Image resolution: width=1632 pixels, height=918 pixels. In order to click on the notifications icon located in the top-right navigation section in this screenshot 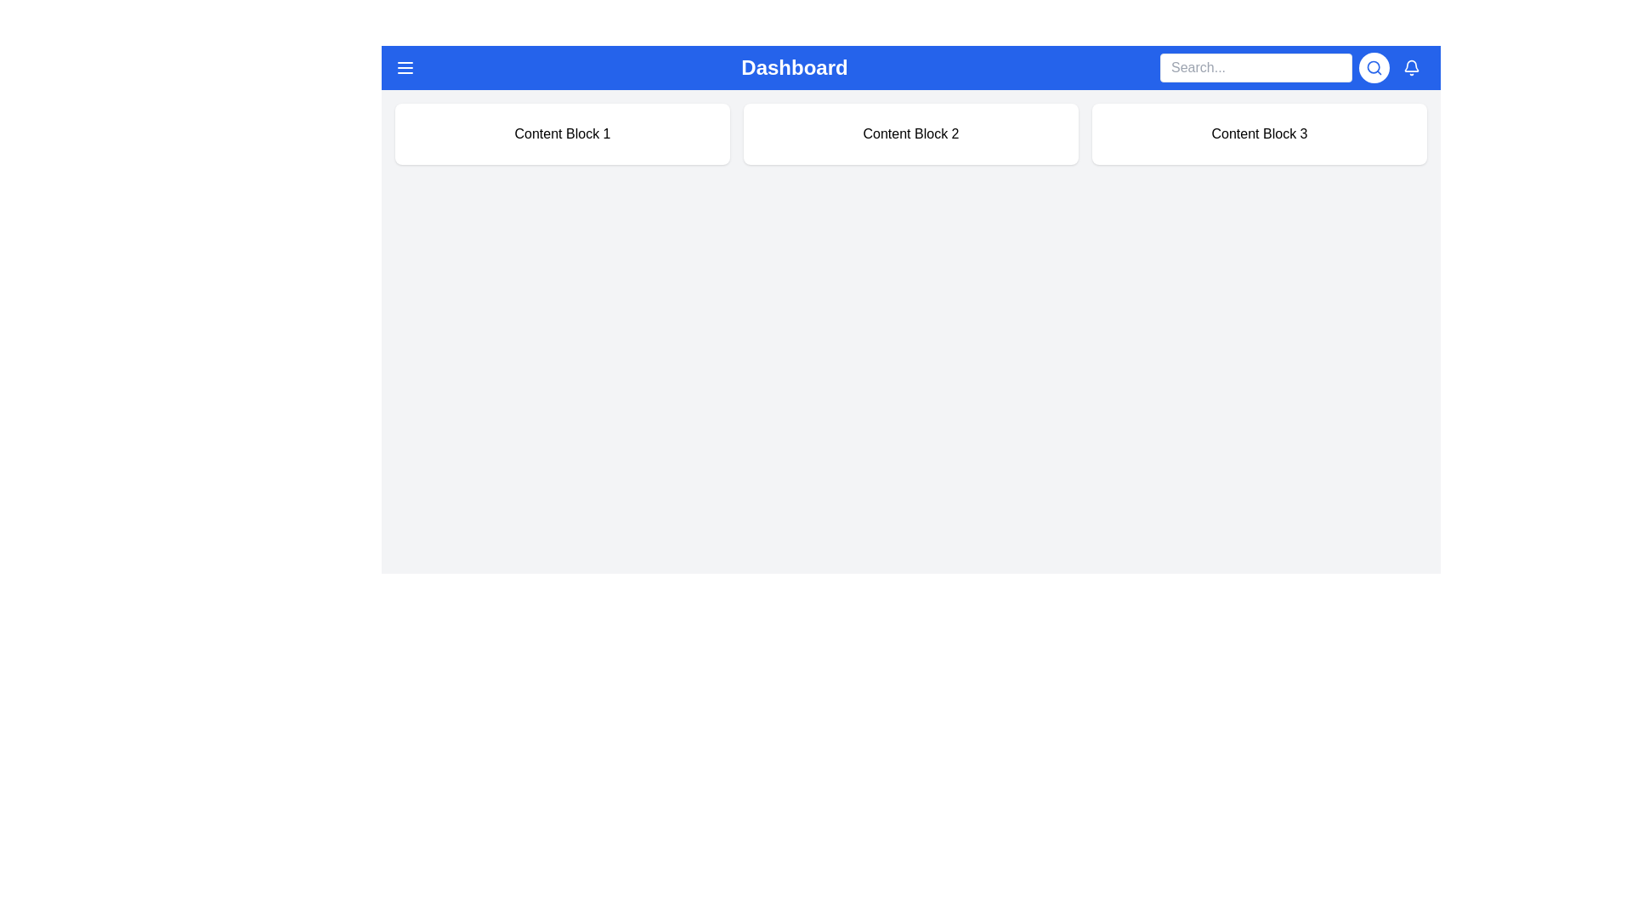, I will do `click(1411, 67)`.